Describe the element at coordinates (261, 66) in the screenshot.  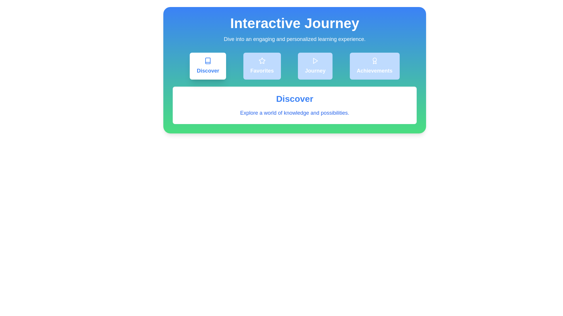
I see `the Favorites tab to view its content` at that location.